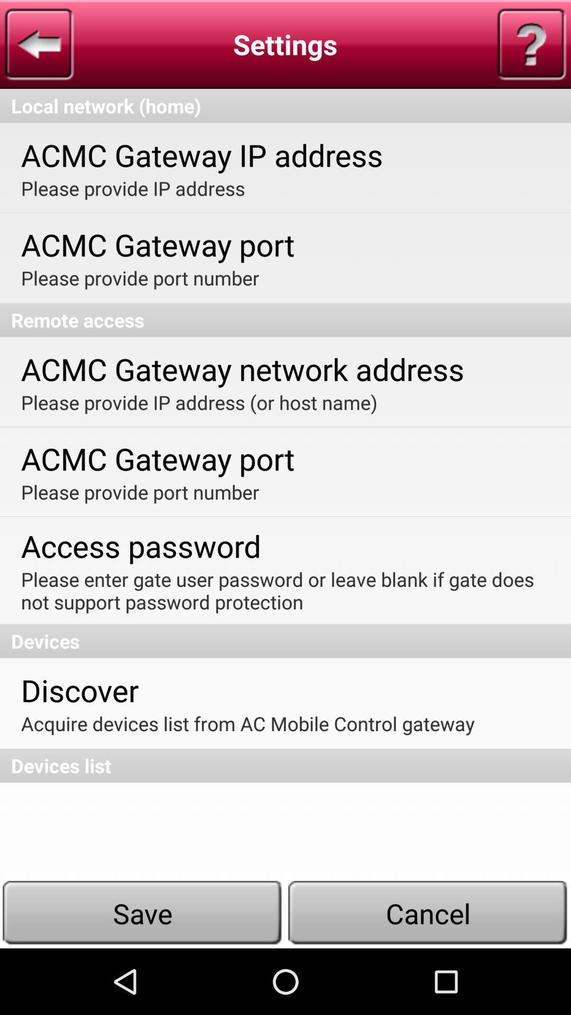 The height and width of the screenshot is (1015, 571). What do you see at coordinates (79, 690) in the screenshot?
I see `discover app` at bounding box center [79, 690].